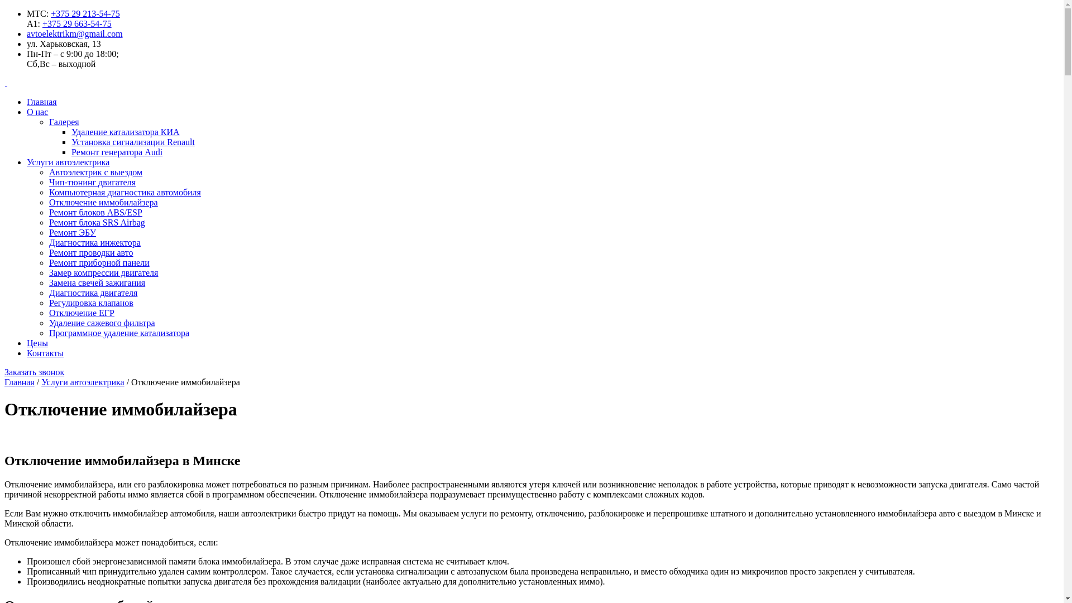 The image size is (1072, 603). I want to click on '+375 29 213-54-75', so click(85, 13).